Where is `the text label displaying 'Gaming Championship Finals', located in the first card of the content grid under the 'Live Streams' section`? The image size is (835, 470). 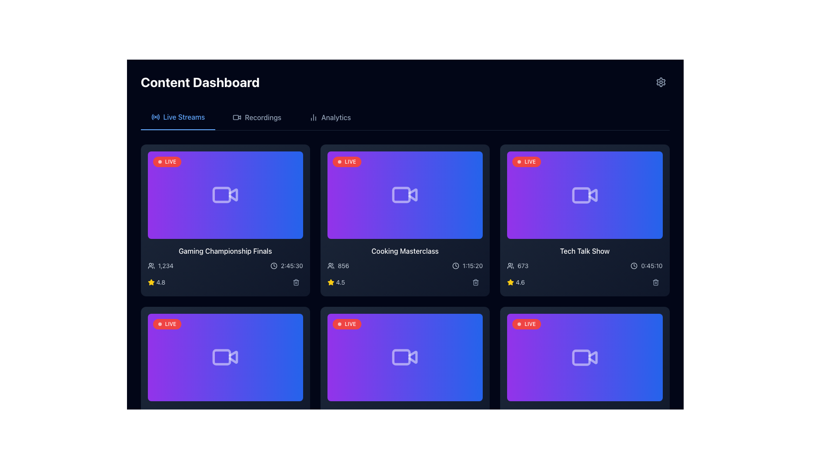 the text label displaying 'Gaming Championship Finals', located in the first card of the content grid under the 'Live Streams' section is located at coordinates (225, 251).